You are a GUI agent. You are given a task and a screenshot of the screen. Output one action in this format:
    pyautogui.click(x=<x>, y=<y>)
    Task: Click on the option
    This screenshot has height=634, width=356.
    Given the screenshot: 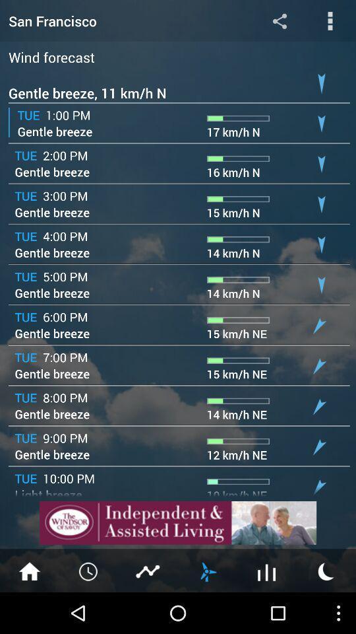 What is the action you would take?
    pyautogui.click(x=330, y=20)
    